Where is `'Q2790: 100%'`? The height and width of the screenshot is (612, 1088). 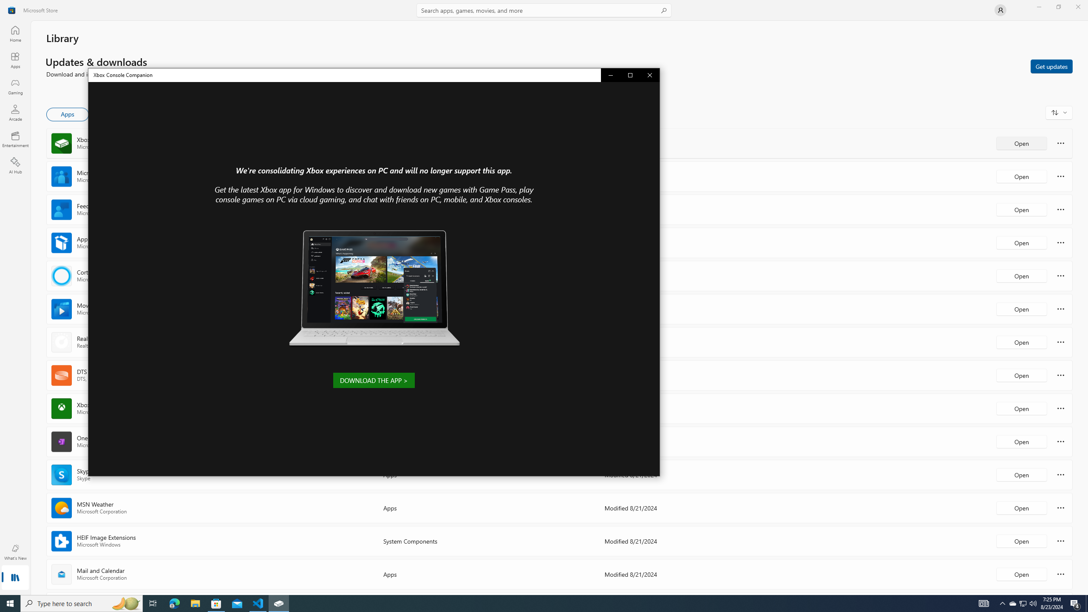 'Q2790: 100%' is located at coordinates (1032, 603).